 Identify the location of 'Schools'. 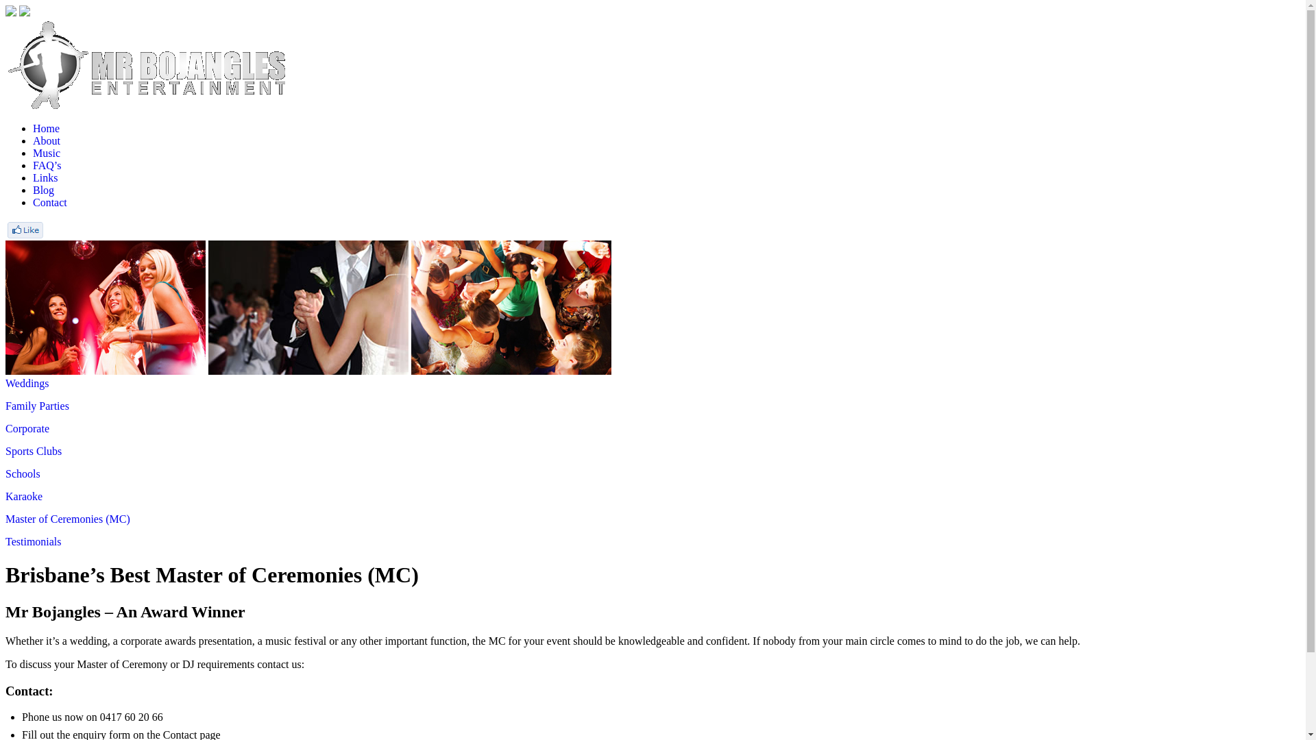
(23, 473).